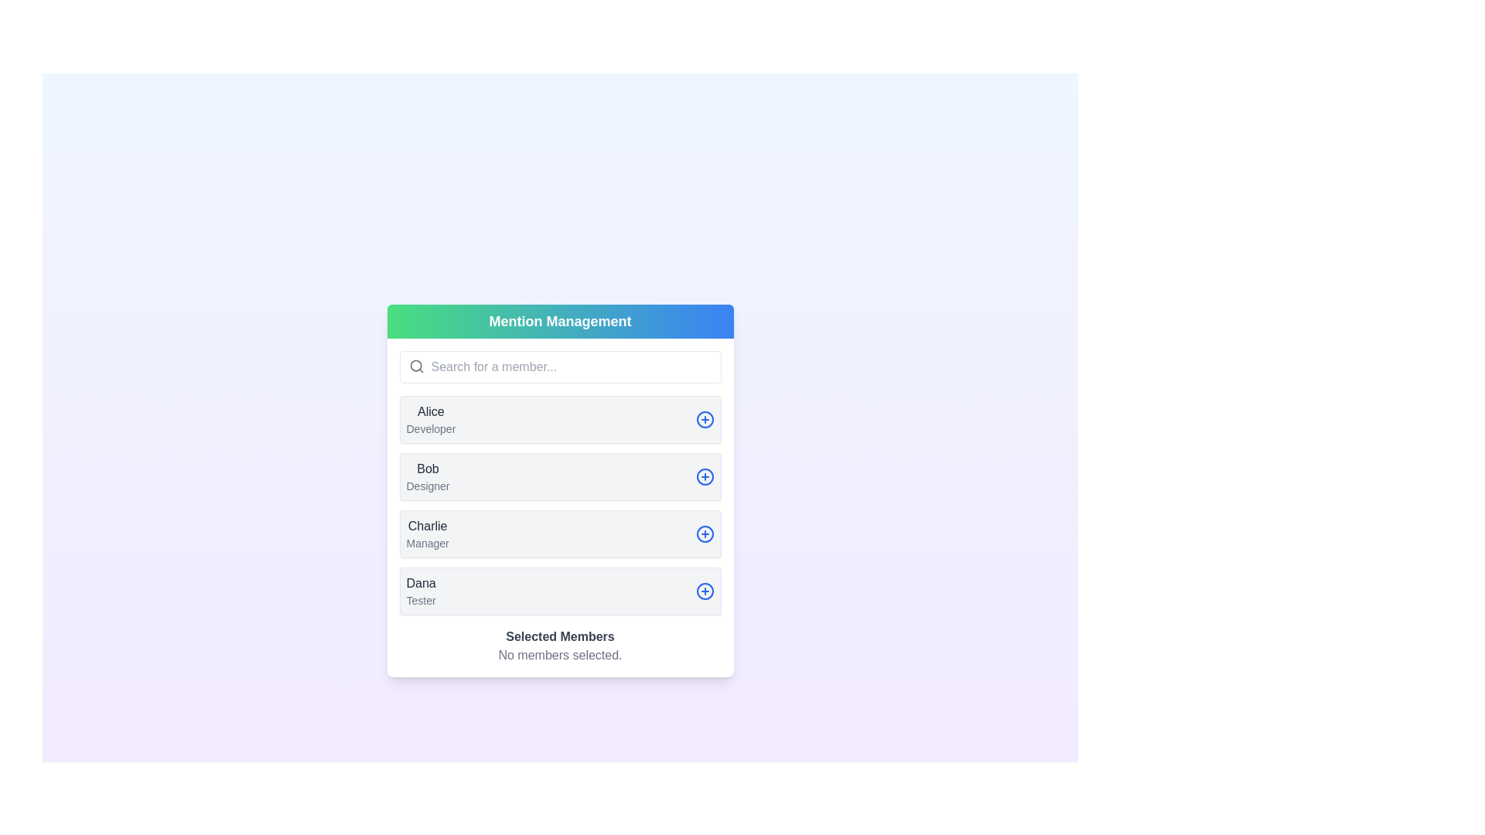 The width and height of the screenshot is (1485, 835). Describe the element at coordinates (559, 506) in the screenshot. I see `the user cards displayed in a vertically stacked arrangement, which includes names and roles` at that location.